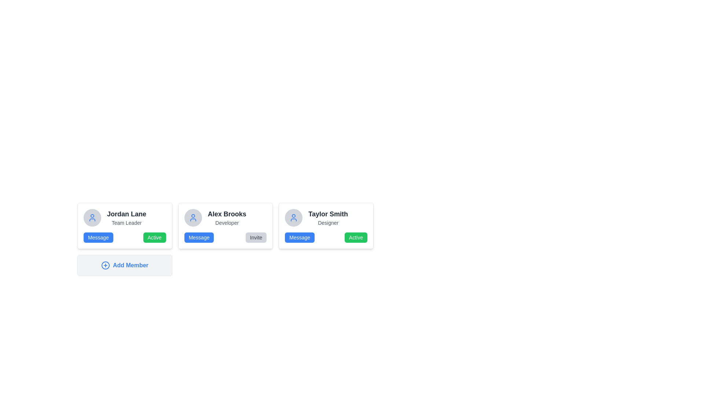 This screenshot has height=396, width=704. What do you see at coordinates (154, 238) in the screenshot?
I see `the green 'Active' button with white text located under 'Jordan Lane', the Team Leader` at bounding box center [154, 238].